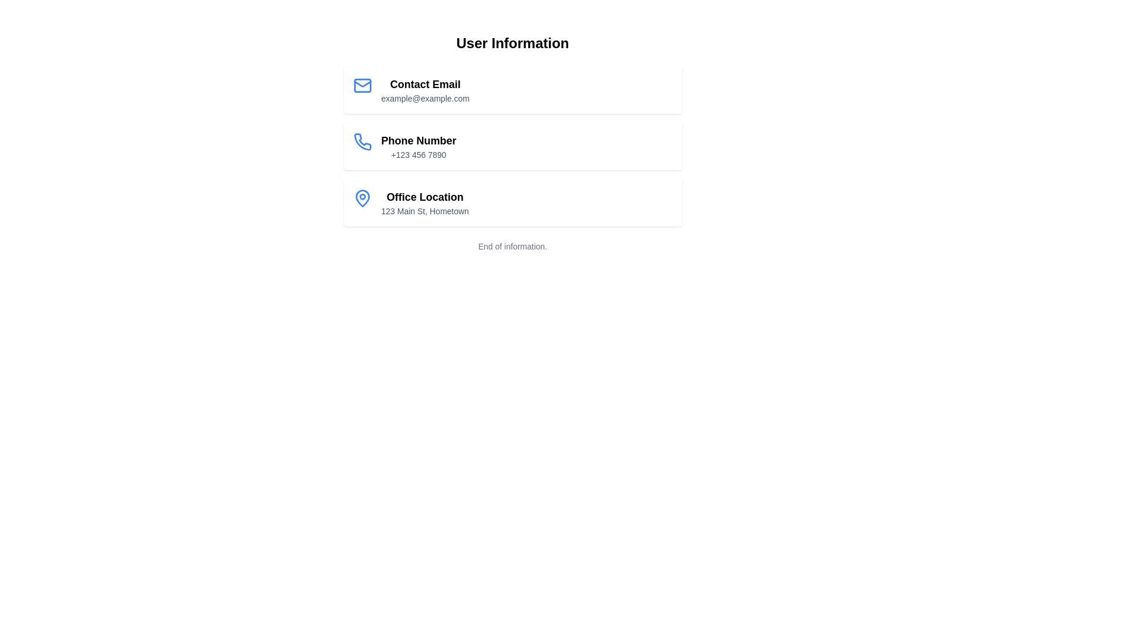  I want to click on the 'Contact Email' text label, which is displayed in bold and larger font size as the title of the first information card under 'User Information', so click(424, 83).